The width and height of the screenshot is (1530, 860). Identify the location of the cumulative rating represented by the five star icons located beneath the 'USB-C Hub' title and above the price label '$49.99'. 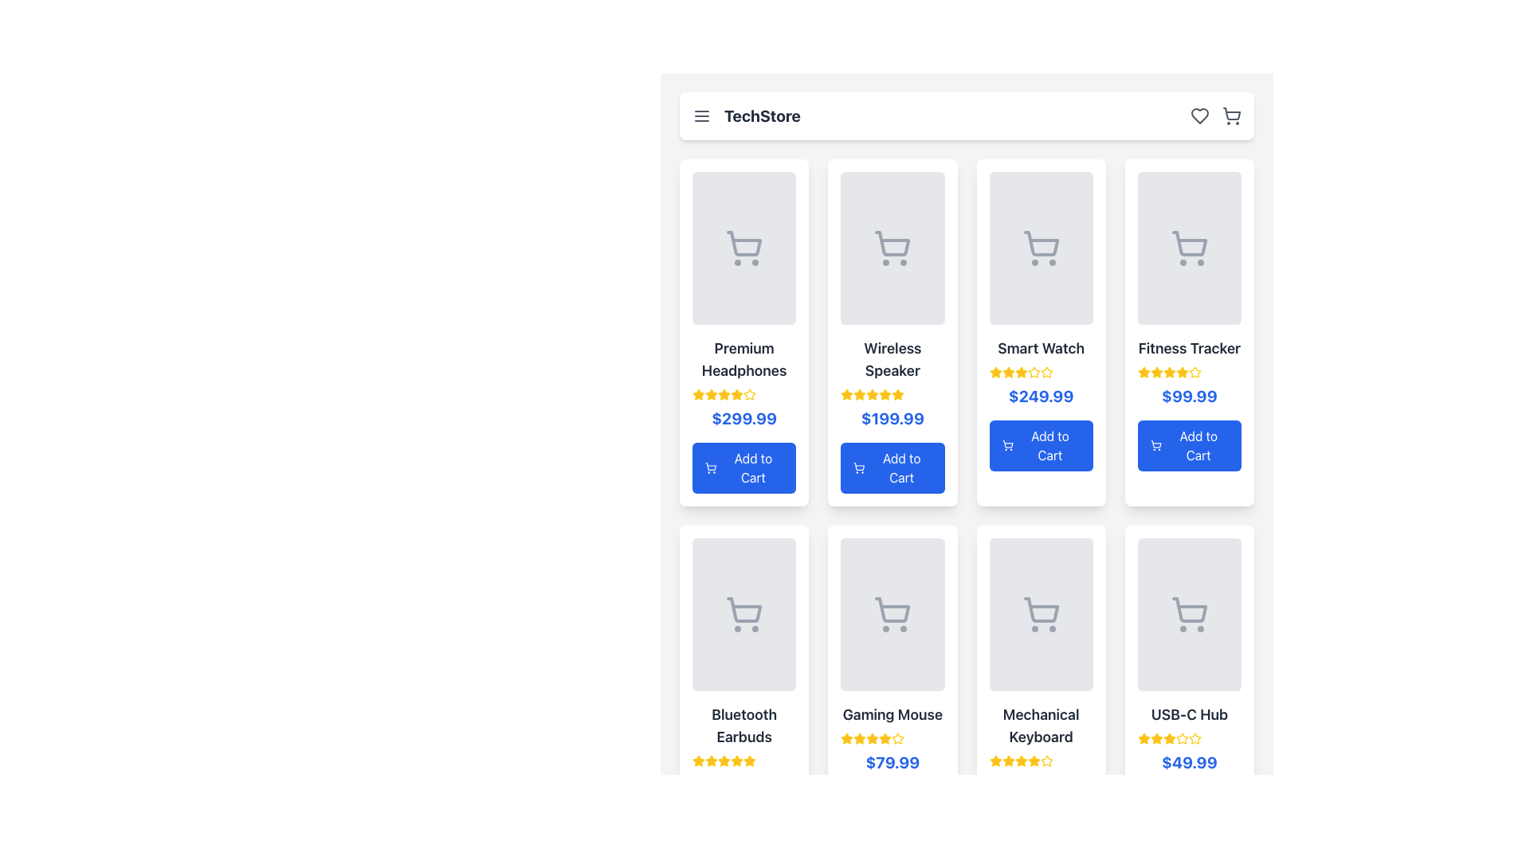
(1189, 739).